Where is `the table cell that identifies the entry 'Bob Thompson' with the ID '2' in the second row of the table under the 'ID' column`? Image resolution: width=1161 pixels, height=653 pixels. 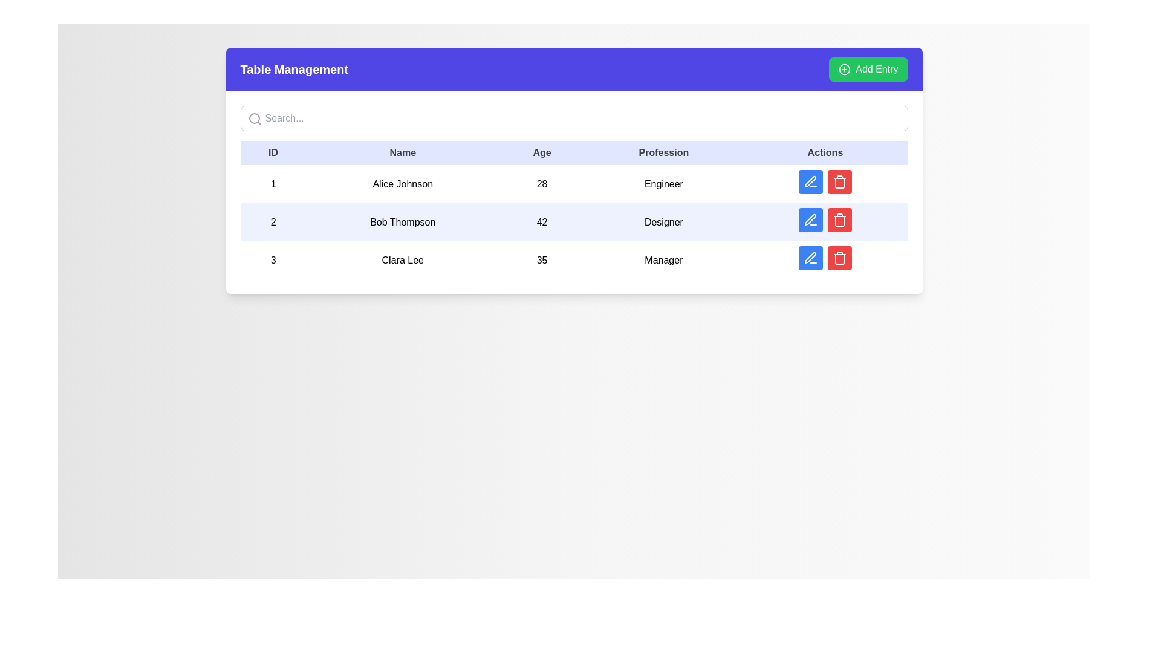 the table cell that identifies the entry 'Bob Thompson' with the ID '2' in the second row of the table under the 'ID' column is located at coordinates (273, 222).